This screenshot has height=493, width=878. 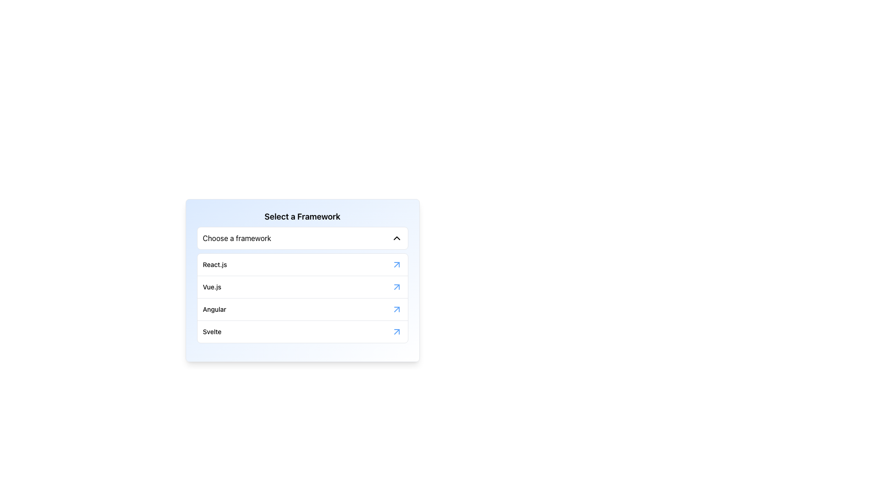 What do you see at coordinates (302, 237) in the screenshot?
I see `keyboard navigation` at bounding box center [302, 237].